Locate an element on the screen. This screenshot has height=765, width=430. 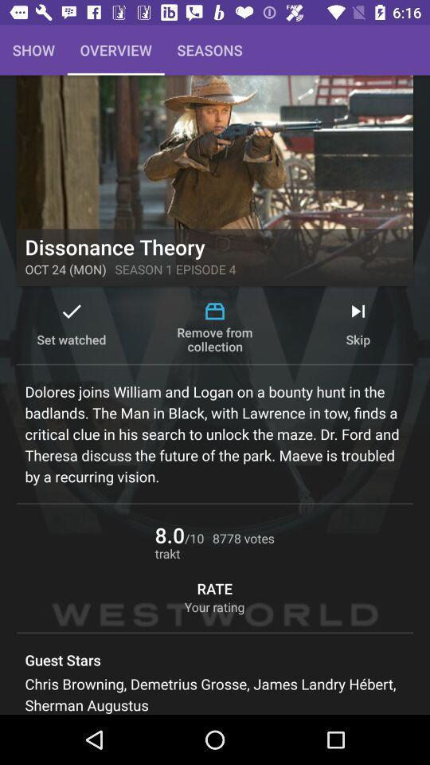
the icon below guest stars is located at coordinates (215, 693).